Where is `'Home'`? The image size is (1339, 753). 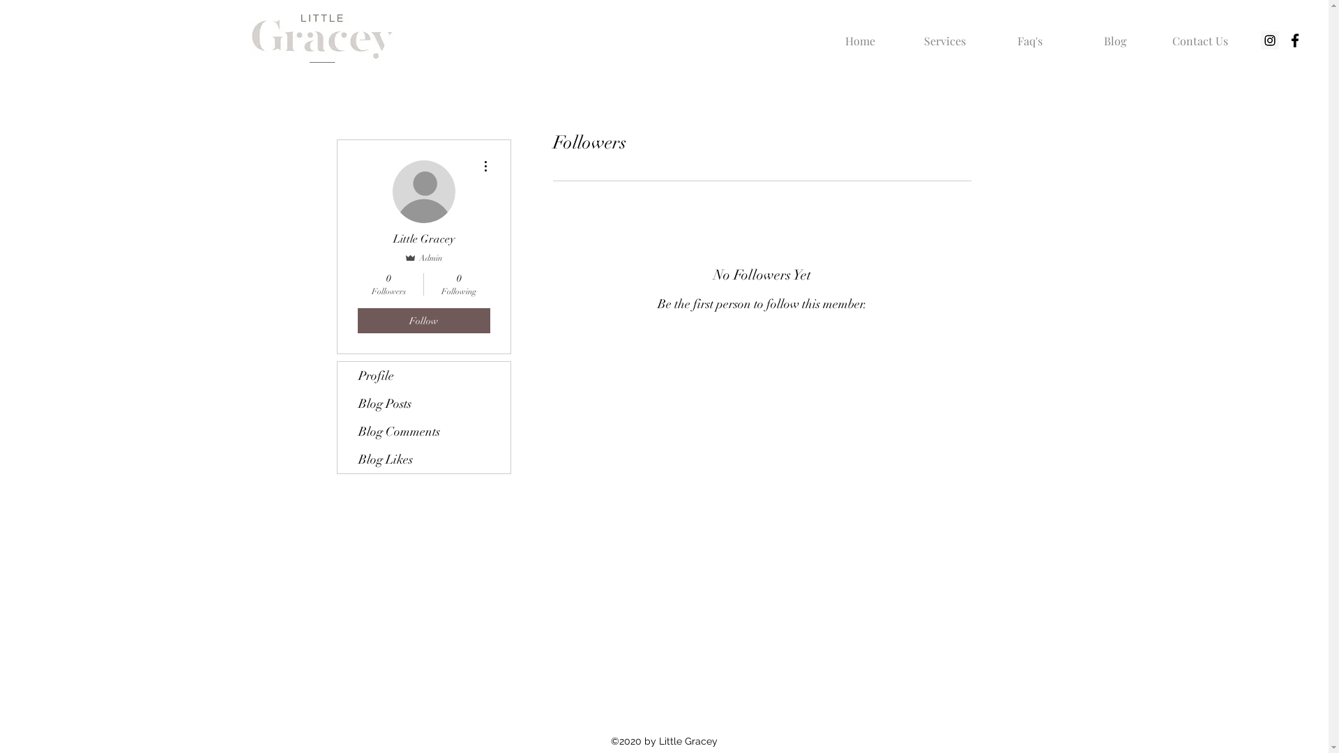
'Home' is located at coordinates (859, 34).